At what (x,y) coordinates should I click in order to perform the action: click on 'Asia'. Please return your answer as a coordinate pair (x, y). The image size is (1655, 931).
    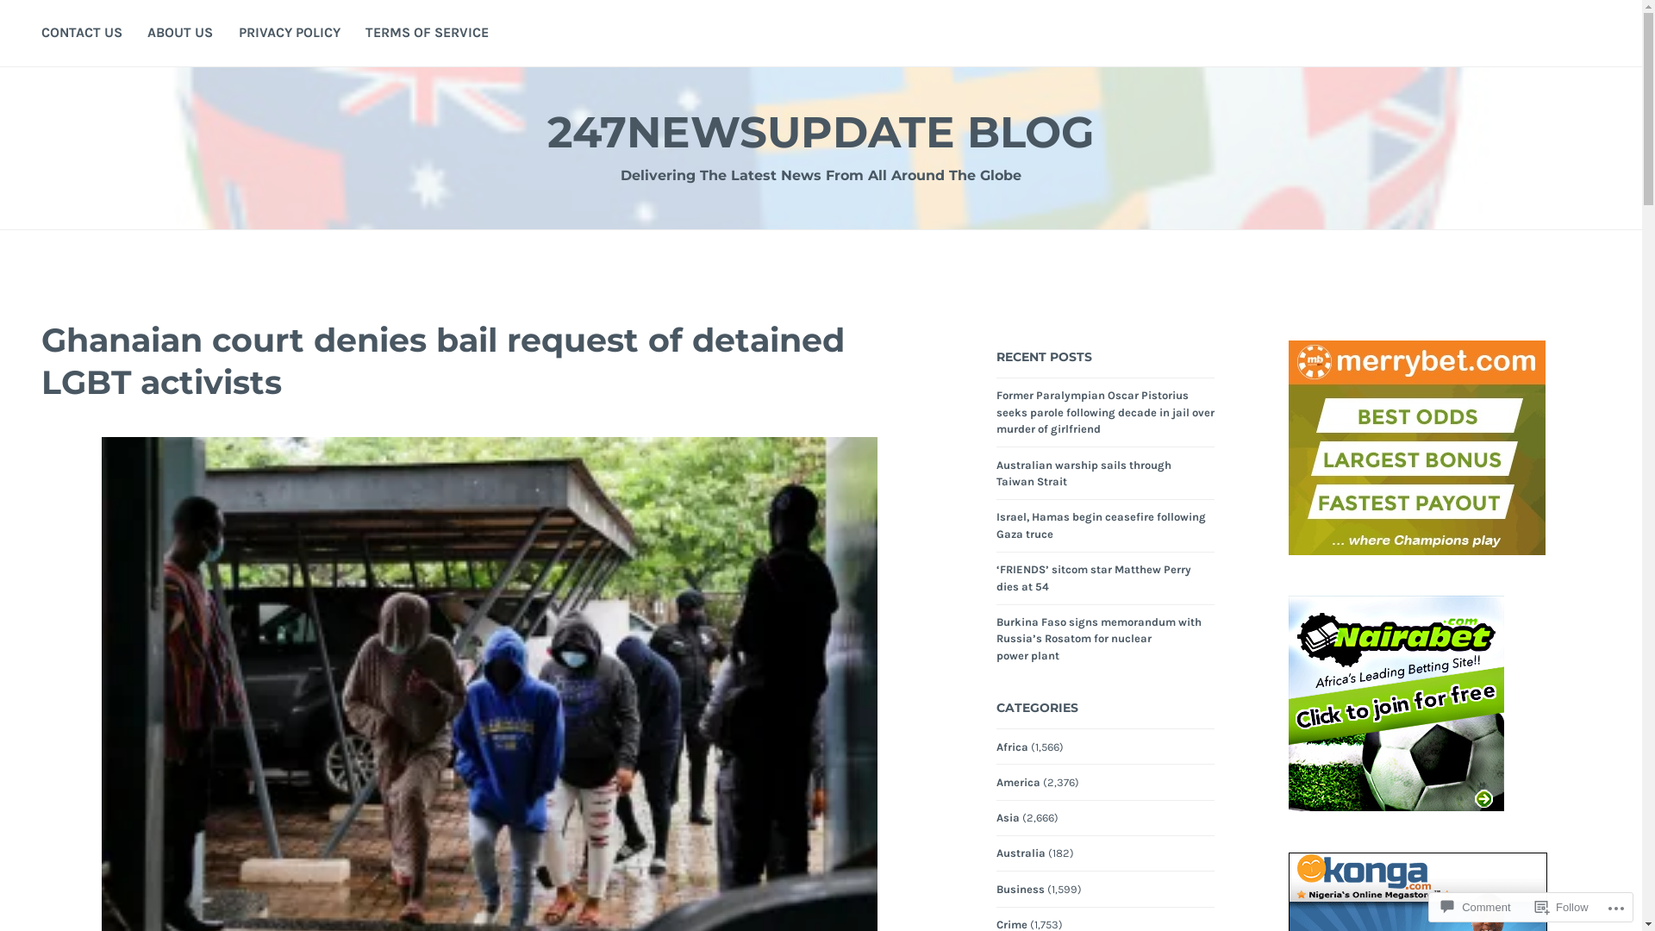
    Looking at the image, I should click on (1008, 816).